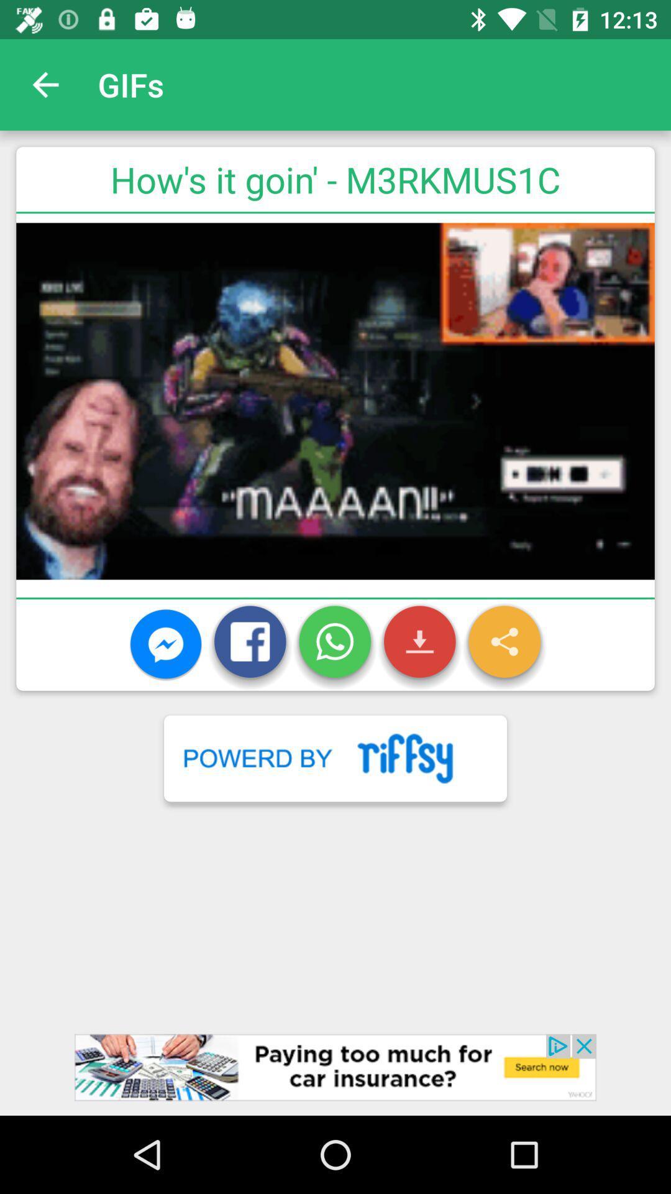 The width and height of the screenshot is (671, 1194). Describe the element at coordinates (504, 645) in the screenshot. I see `share button` at that location.